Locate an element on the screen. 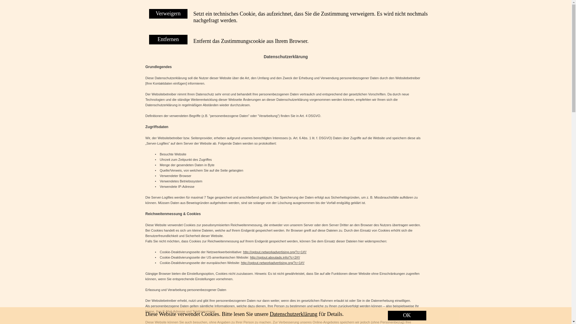 The height and width of the screenshot is (324, 576). 'http://optout.networkadvertising.org/?c=1#!/' is located at coordinates (274, 252).